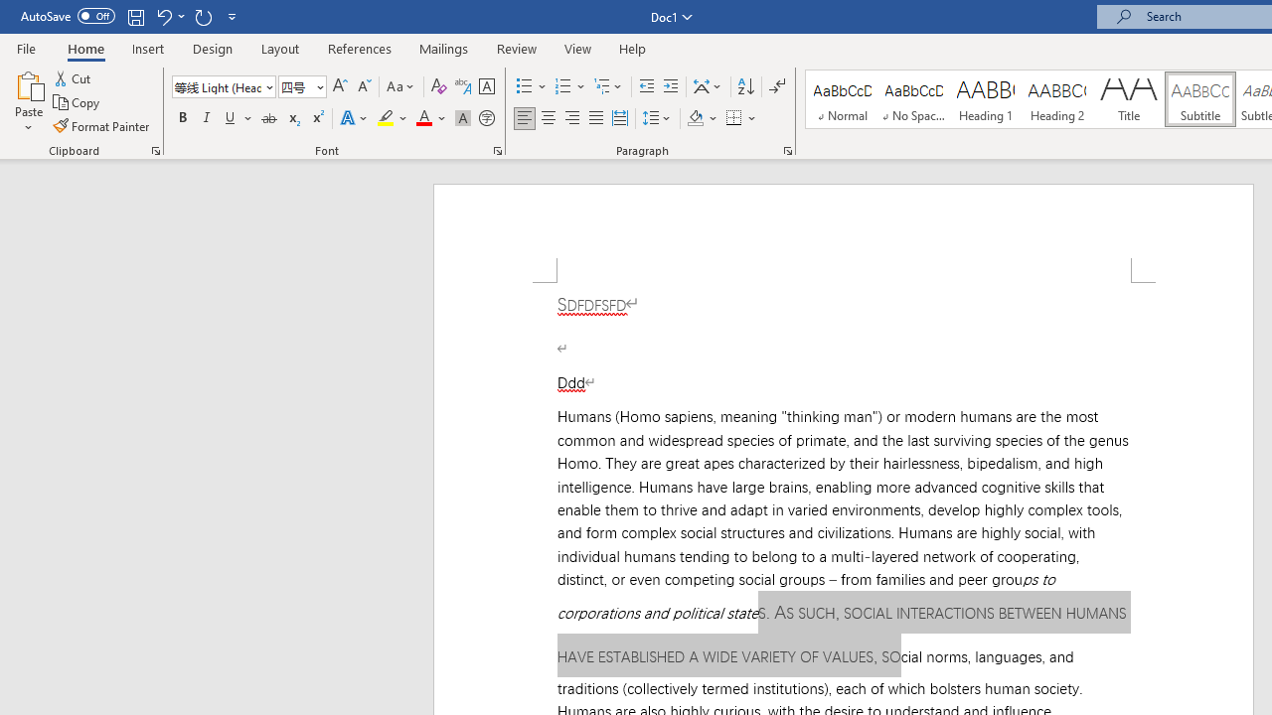  I want to click on 'Undo Style', so click(169, 16).